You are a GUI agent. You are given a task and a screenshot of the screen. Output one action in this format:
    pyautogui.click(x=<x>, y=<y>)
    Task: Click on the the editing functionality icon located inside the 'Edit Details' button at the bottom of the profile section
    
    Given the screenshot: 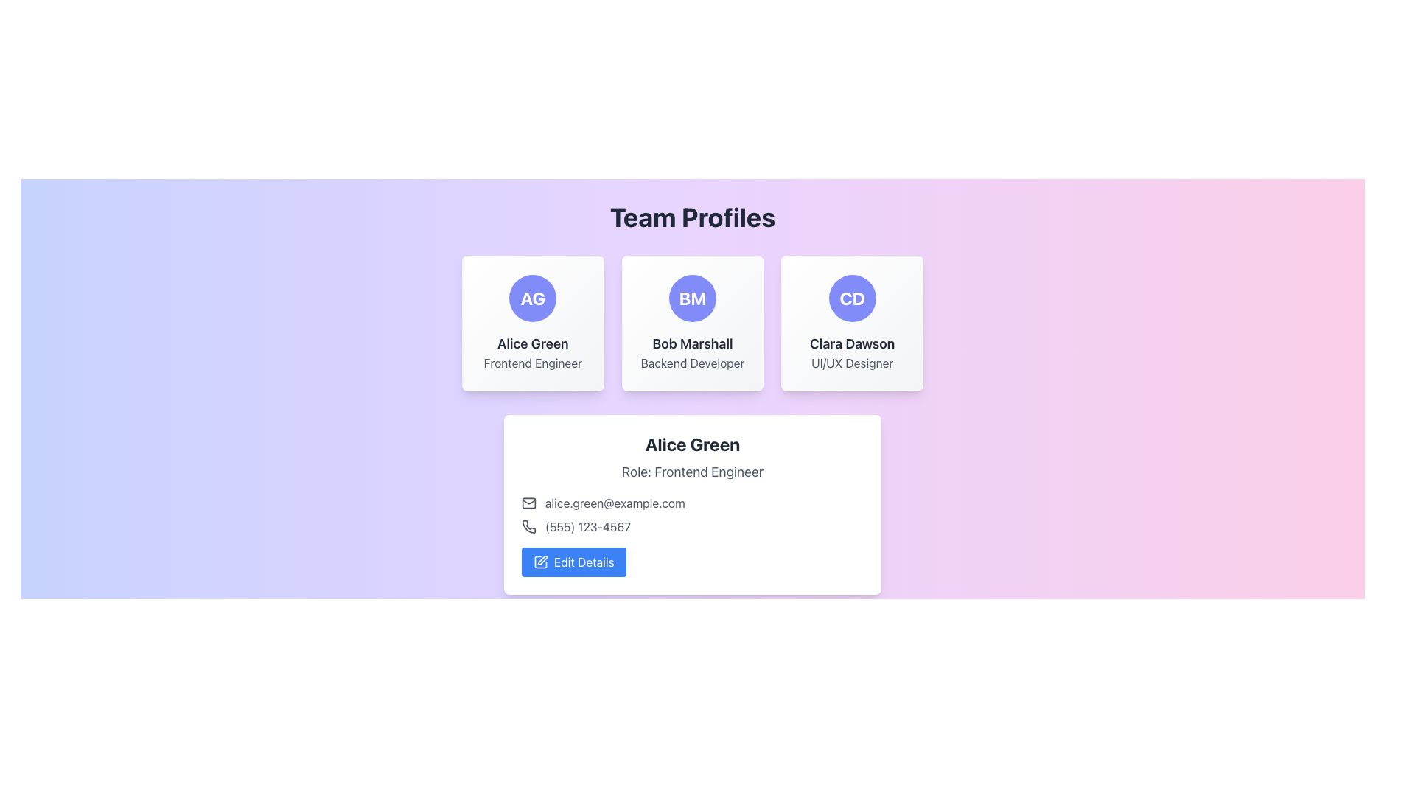 What is the action you would take?
    pyautogui.click(x=542, y=560)
    